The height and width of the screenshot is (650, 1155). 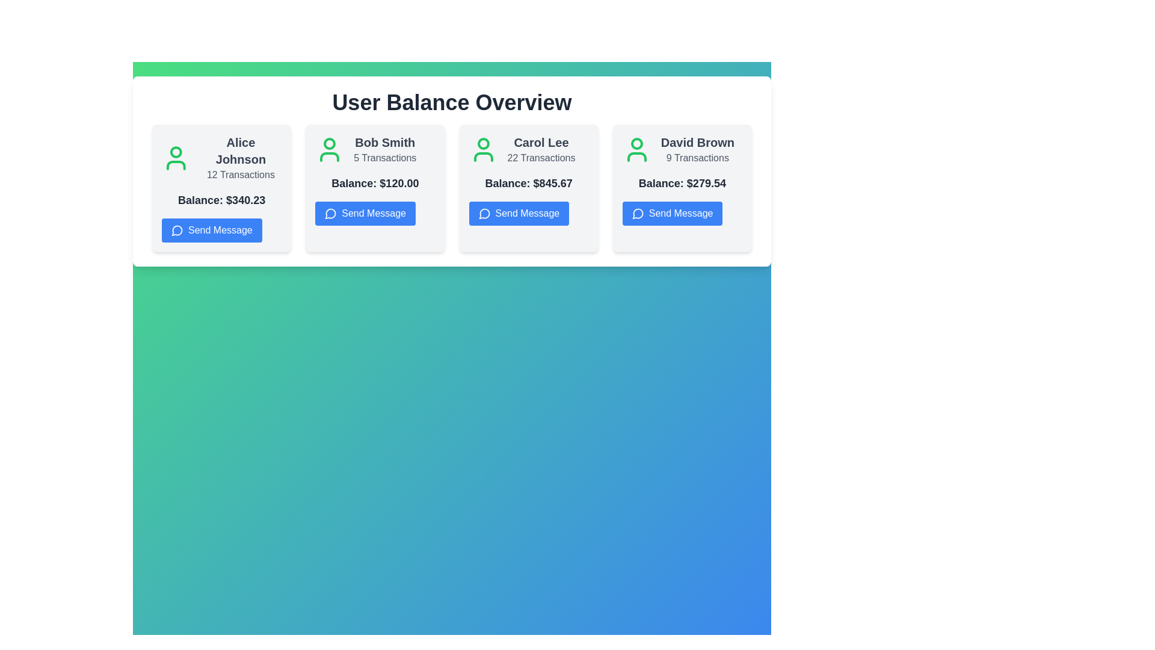 What do you see at coordinates (385, 149) in the screenshot?
I see `the text display component that shows the user's name and transaction count, located in the second card from the left, to the right of the user icon` at bounding box center [385, 149].